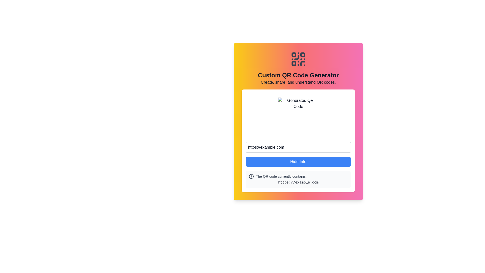  Describe the element at coordinates (298, 75) in the screenshot. I see `the Header text displaying 'Custom QR Code Generator' which is prominently styled and located at the top of the main section` at that location.